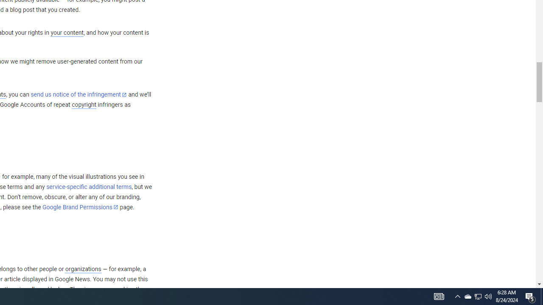  I want to click on 'your content', so click(67, 33).